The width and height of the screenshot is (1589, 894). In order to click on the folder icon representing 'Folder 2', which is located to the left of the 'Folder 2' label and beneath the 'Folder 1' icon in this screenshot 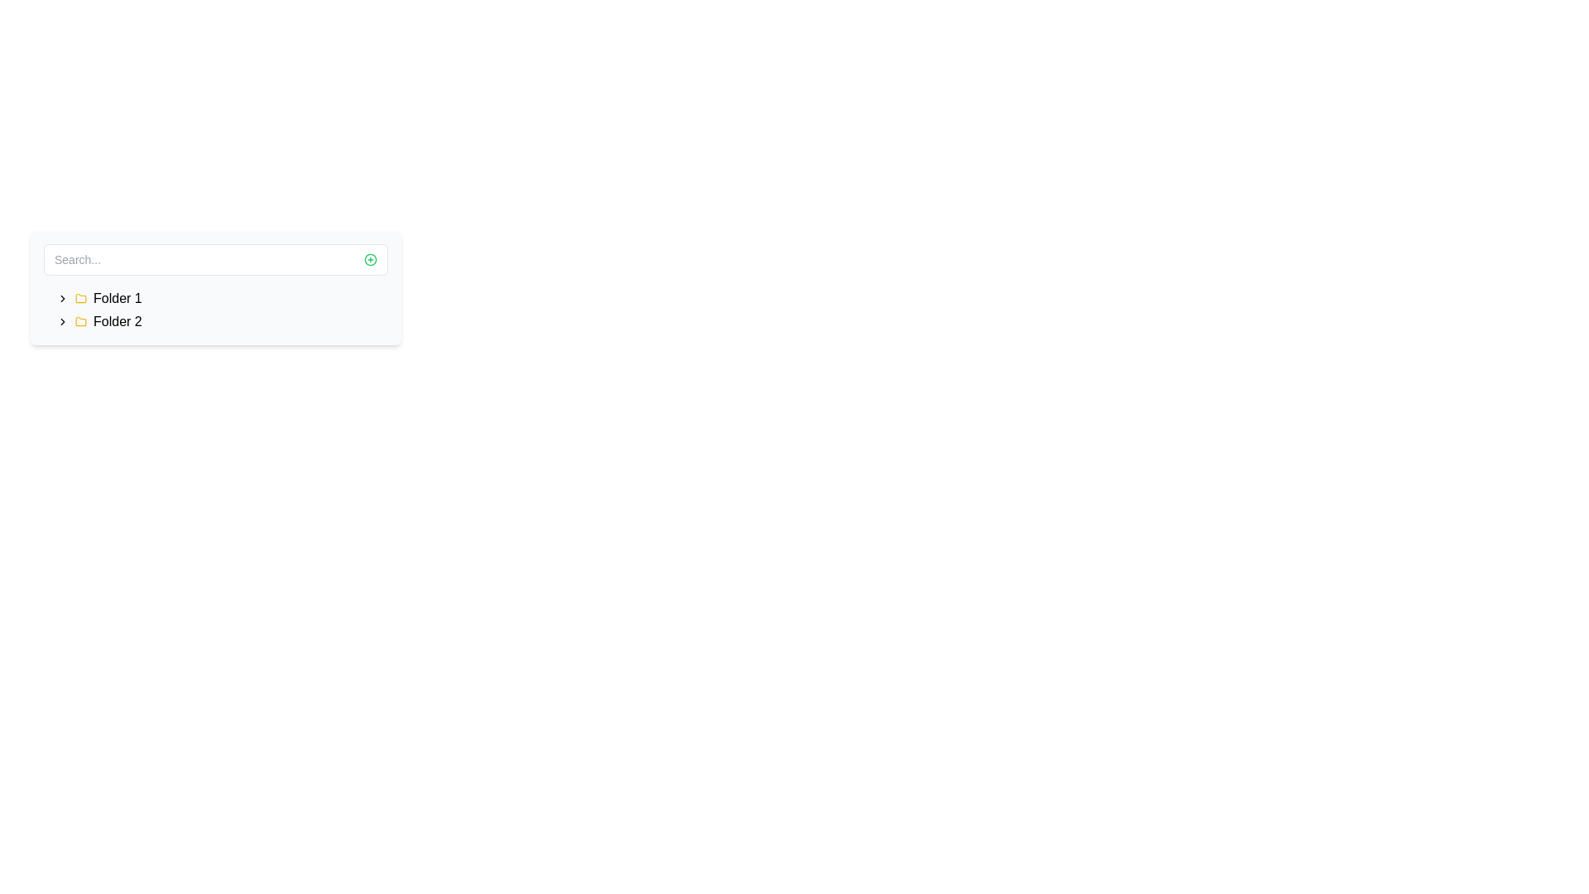, I will do `click(79, 321)`.